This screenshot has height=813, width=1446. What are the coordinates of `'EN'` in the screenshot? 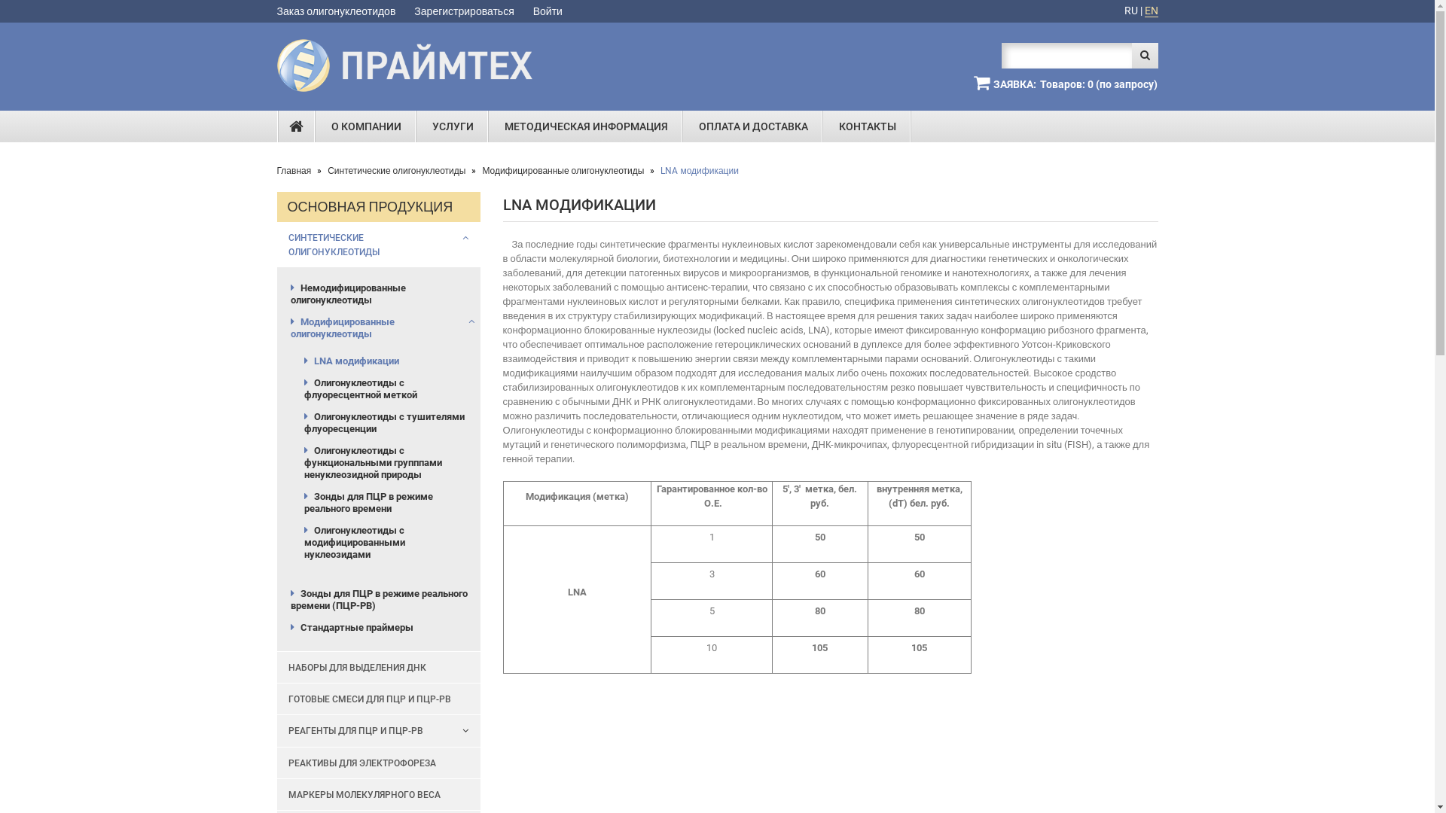 It's located at (1151, 11).